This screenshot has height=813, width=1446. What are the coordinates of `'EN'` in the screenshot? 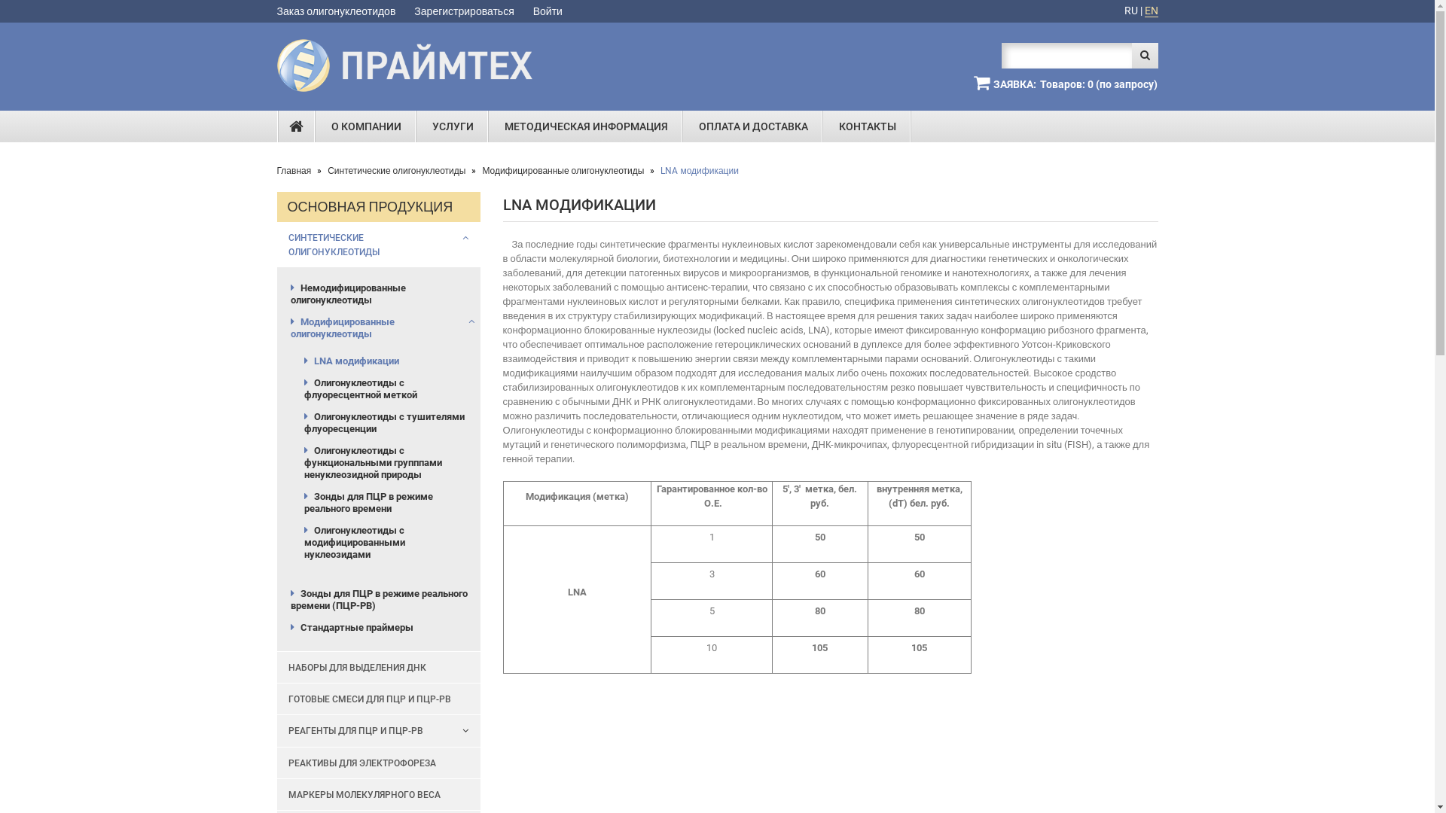 It's located at (1151, 11).